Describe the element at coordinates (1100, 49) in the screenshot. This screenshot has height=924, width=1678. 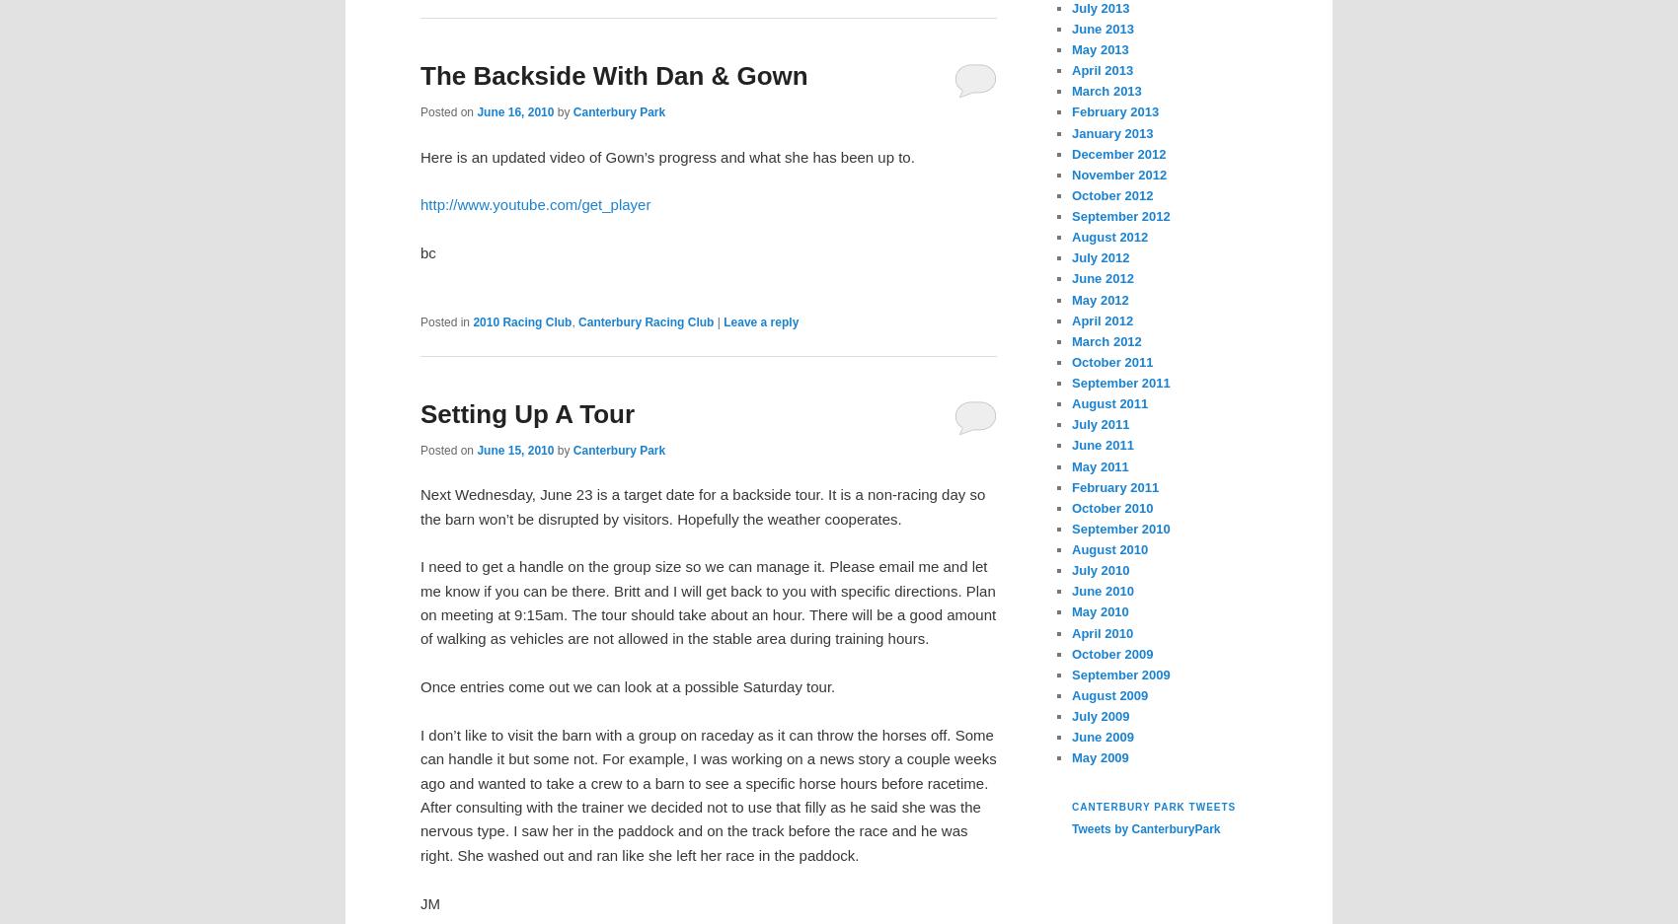
I see `'May 2013'` at that location.